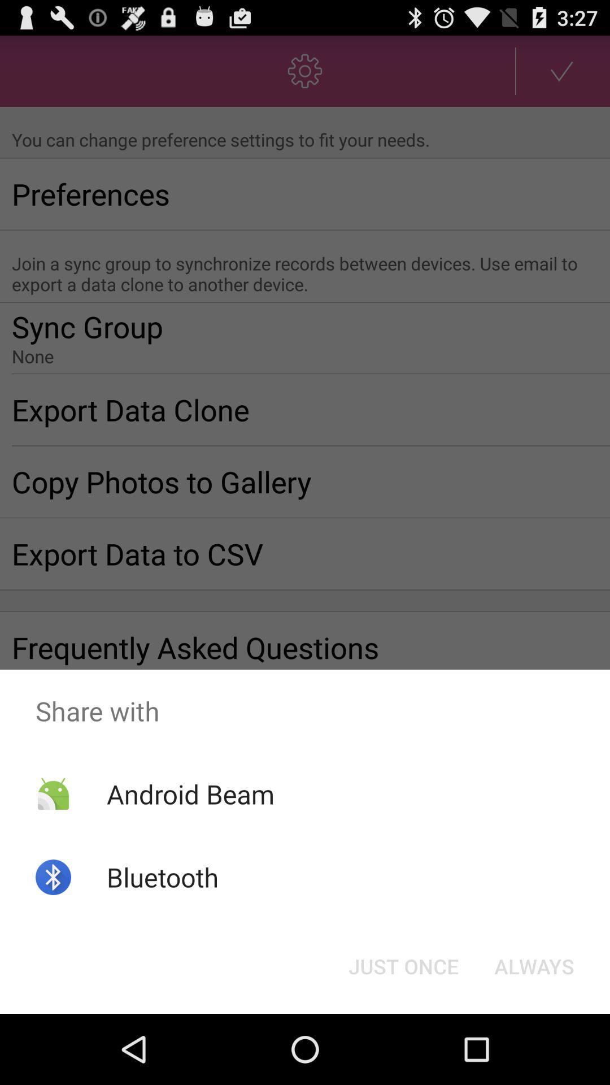  Describe the element at coordinates (163, 876) in the screenshot. I see `icon below the android beam item` at that location.